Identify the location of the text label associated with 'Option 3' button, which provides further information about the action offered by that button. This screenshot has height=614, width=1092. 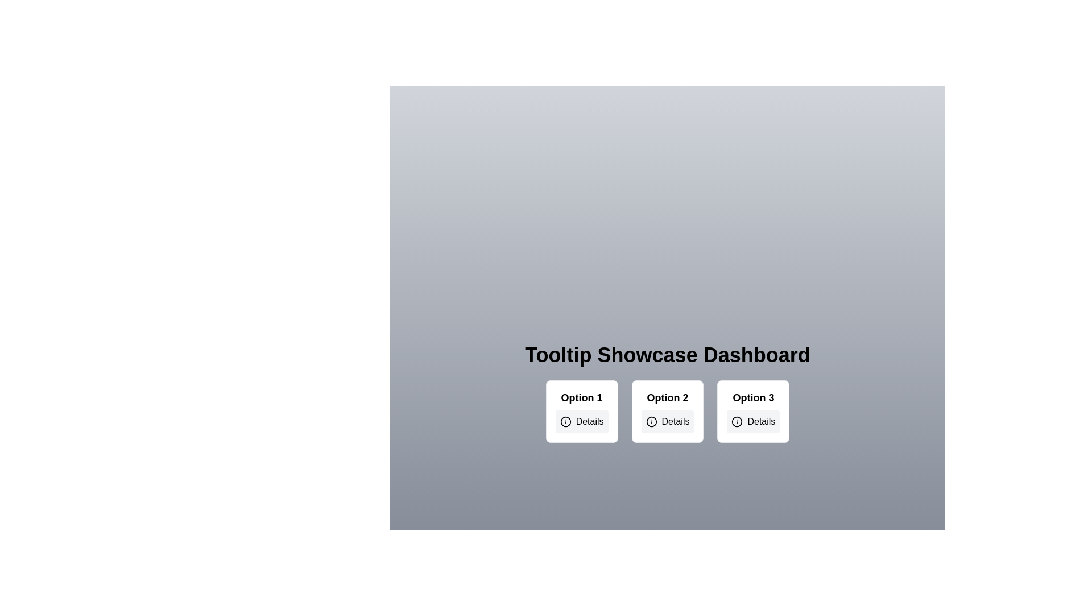
(761, 421).